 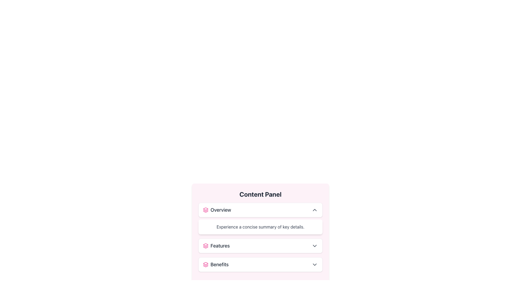 What do you see at coordinates (314, 210) in the screenshot?
I see `the icon located at the right end of the 'Overview' section header to trigger possible visual feedback` at bounding box center [314, 210].